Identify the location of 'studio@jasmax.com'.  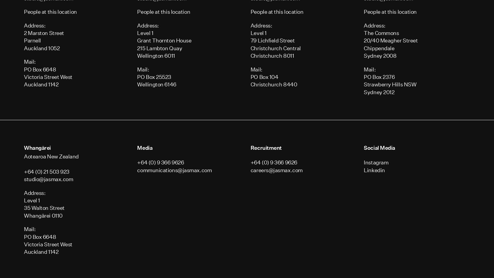
(24, 179).